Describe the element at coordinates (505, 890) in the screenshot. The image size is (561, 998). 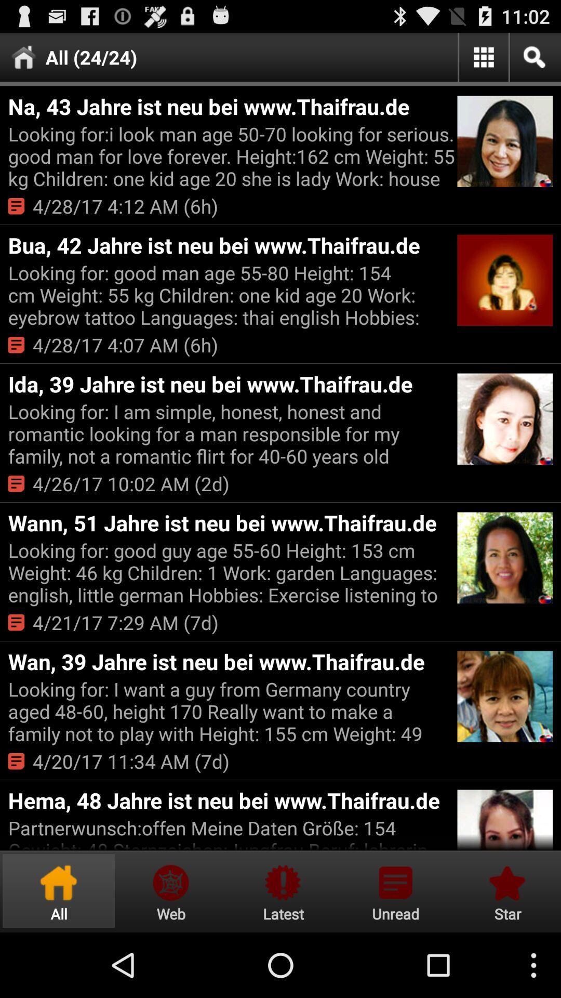
I see `rate of quality` at that location.